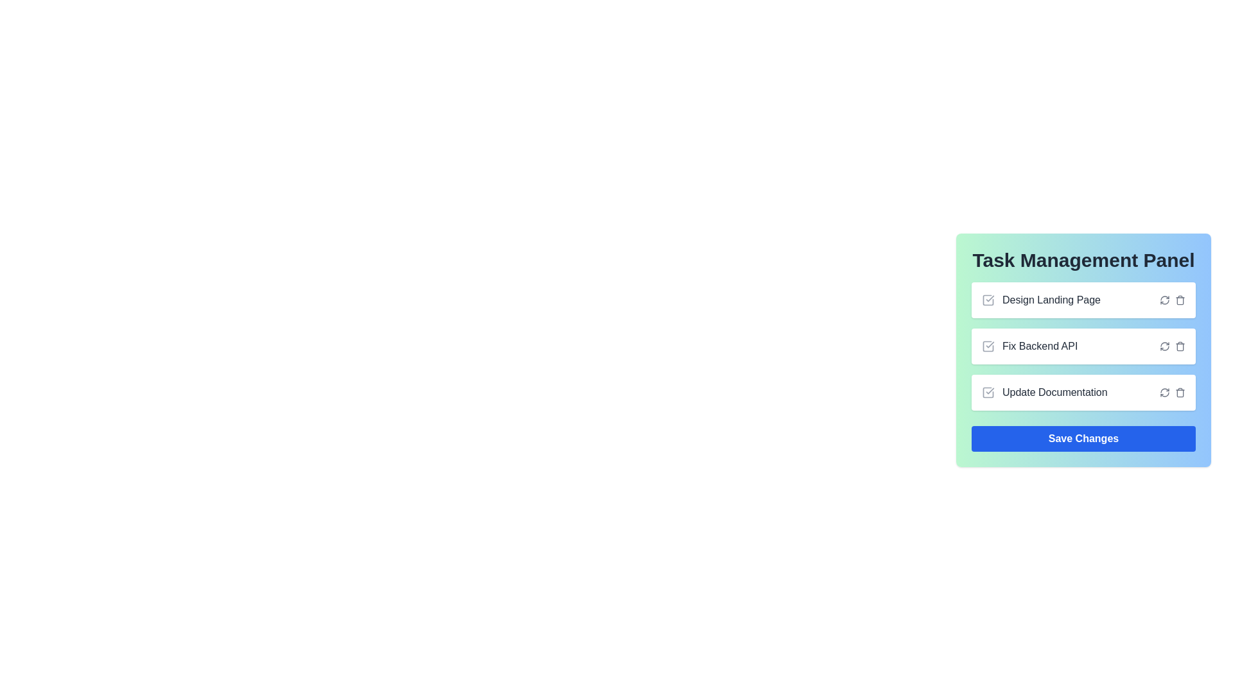 Image resolution: width=1233 pixels, height=693 pixels. I want to click on the text 'Design Landing Page' from the first task item in the task management panel to copy it, so click(1041, 300).